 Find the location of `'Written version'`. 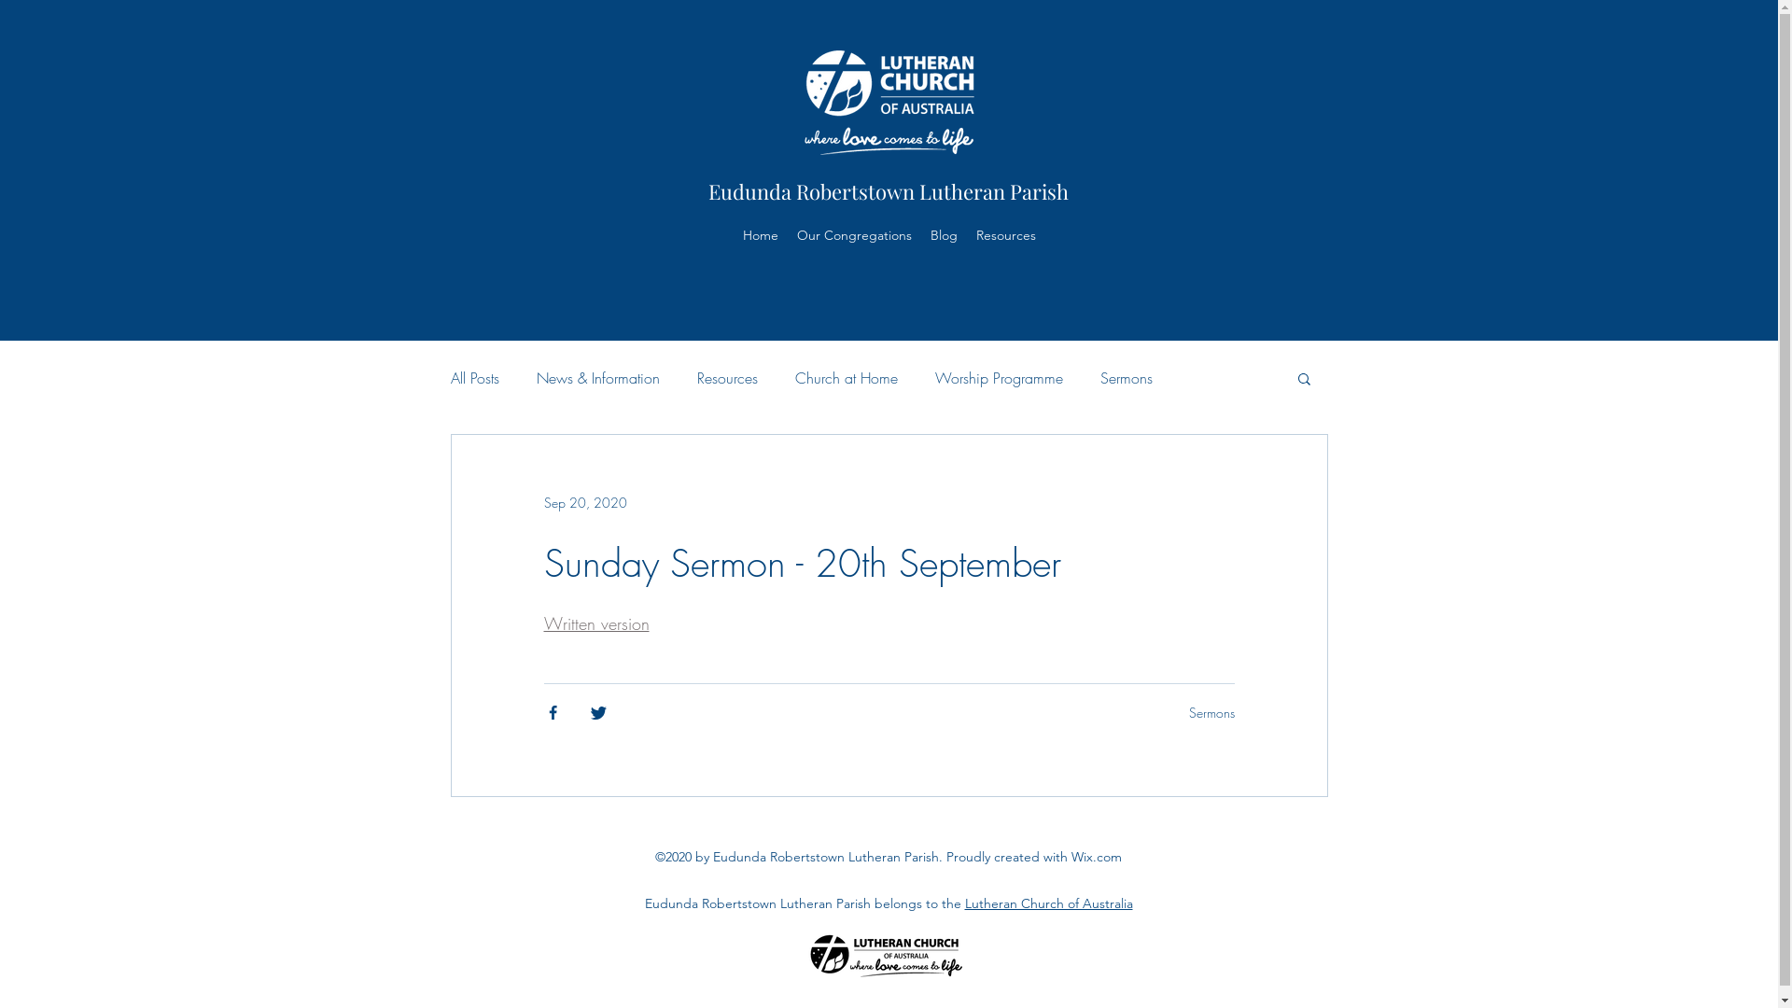

'Written version' is located at coordinates (595, 623).